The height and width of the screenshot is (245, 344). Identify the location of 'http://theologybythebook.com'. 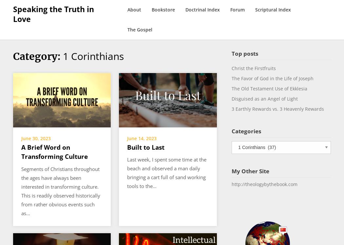
(264, 184).